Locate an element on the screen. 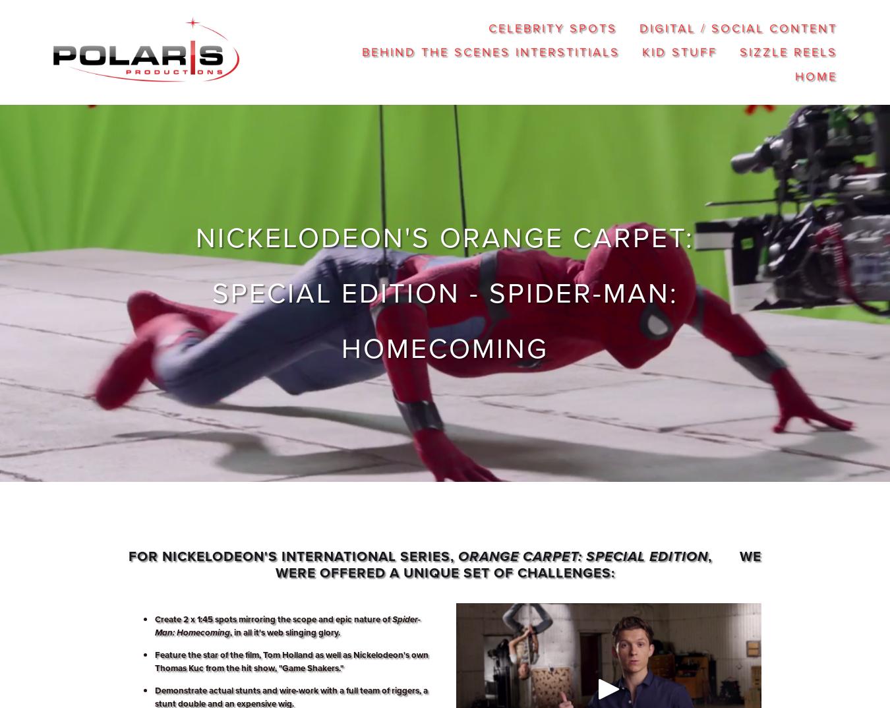 The width and height of the screenshot is (890, 708). 'Nickelodeon's Orange Carpet: Special Edition - Spider-Man: Homecoming' is located at coordinates (445, 292).